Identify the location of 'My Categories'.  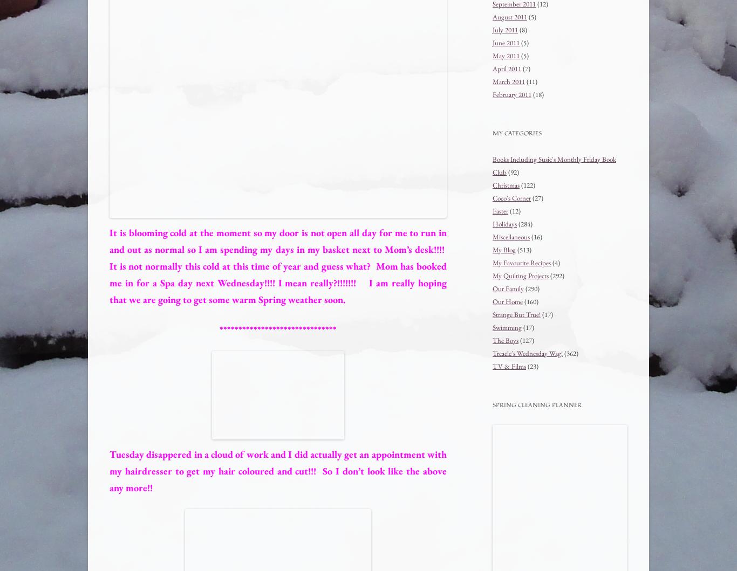
(517, 133).